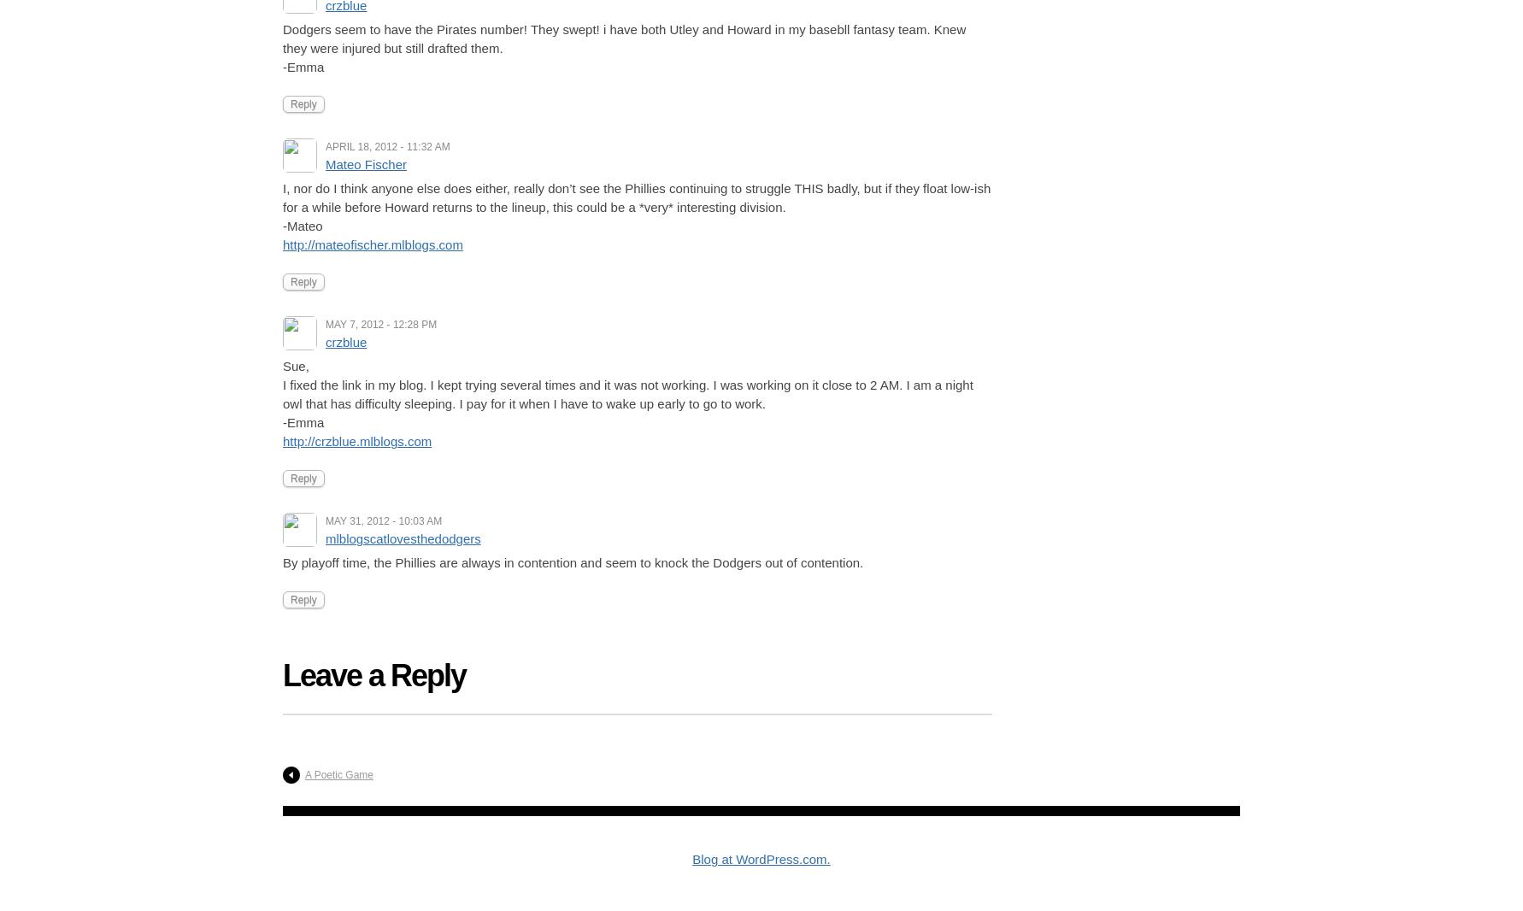 This screenshot has width=1523, height=911. Describe the element at coordinates (381, 325) in the screenshot. I see `'May 7, 2012 - 12:28 pm'` at that location.